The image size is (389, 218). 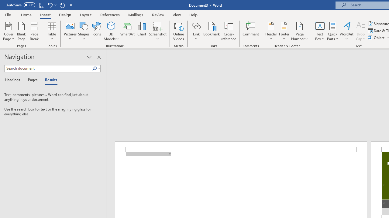 I want to click on '3D Models', so click(x=111, y=31).